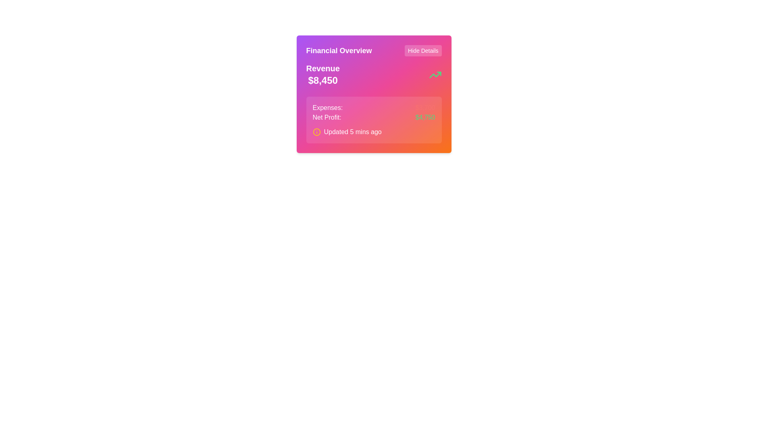  Describe the element at coordinates (327, 107) in the screenshot. I see `the text label that displays 'Expenses:' styled in white on a gradient pink background, positioned to the left of the monetary value element` at that location.